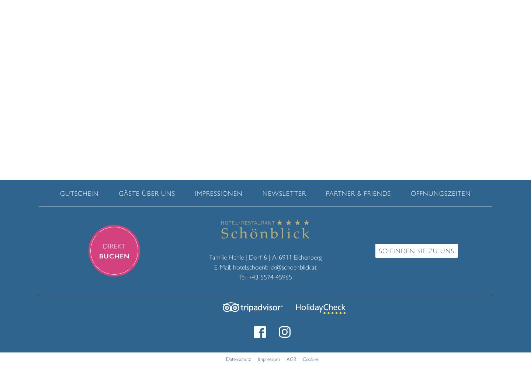  I want to click on 'Datenschutz', so click(225, 358).